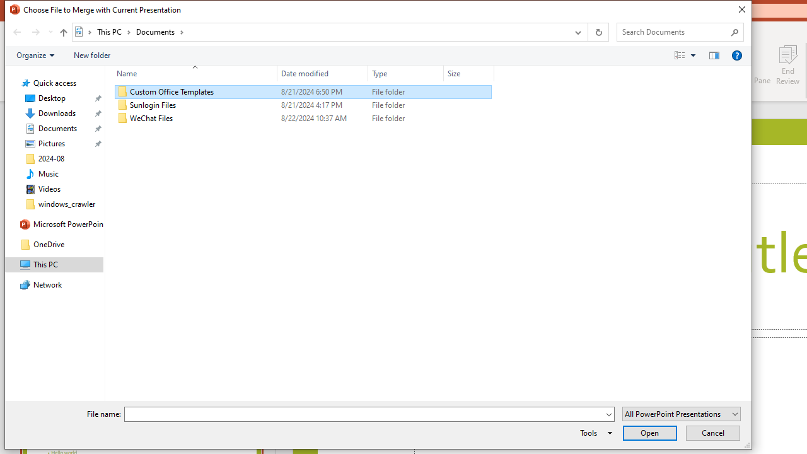 The width and height of the screenshot is (807, 454). I want to click on 'File name:', so click(369, 414).